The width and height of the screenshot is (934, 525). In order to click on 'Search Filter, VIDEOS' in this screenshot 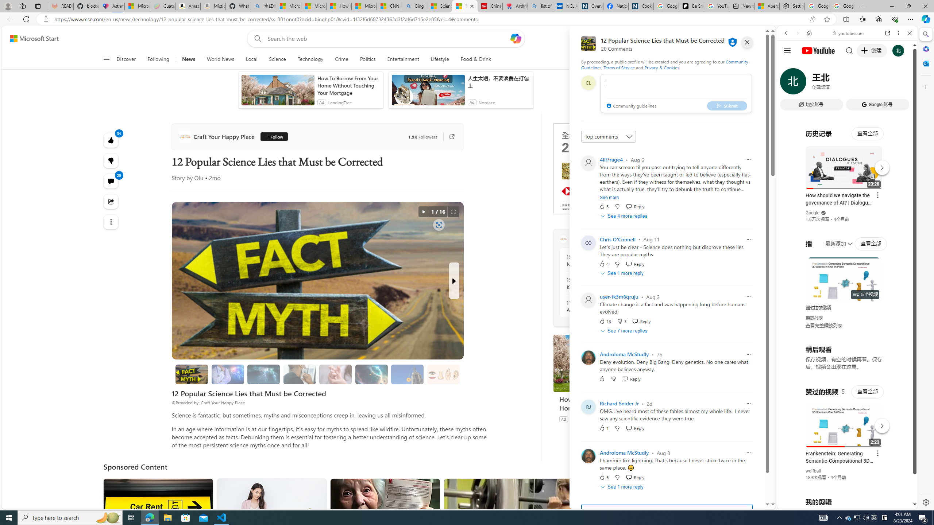, I will do `click(834, 83)`.